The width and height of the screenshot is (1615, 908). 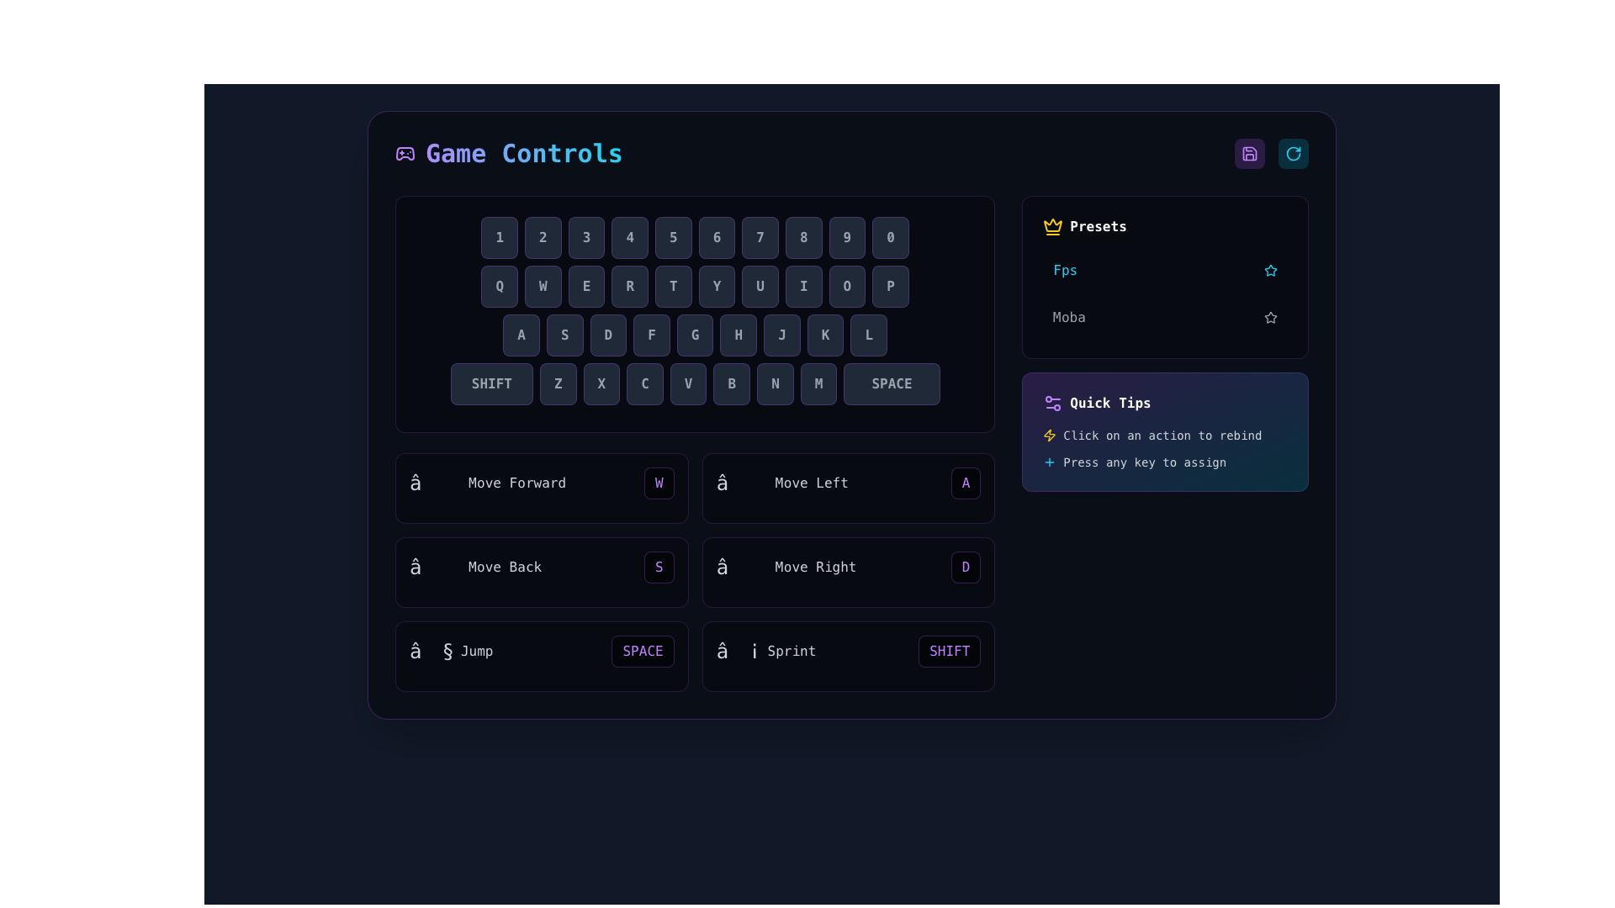 What do you see at coordinates (1164, 269) in the screenshot?
I see `the 'Fps' button-like selectable item` at bounding box center [1164, 269].